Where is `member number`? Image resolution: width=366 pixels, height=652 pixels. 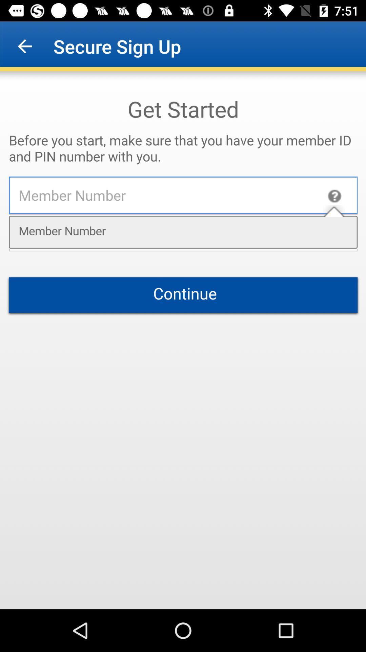 member number is located at coordinates (183, 340).